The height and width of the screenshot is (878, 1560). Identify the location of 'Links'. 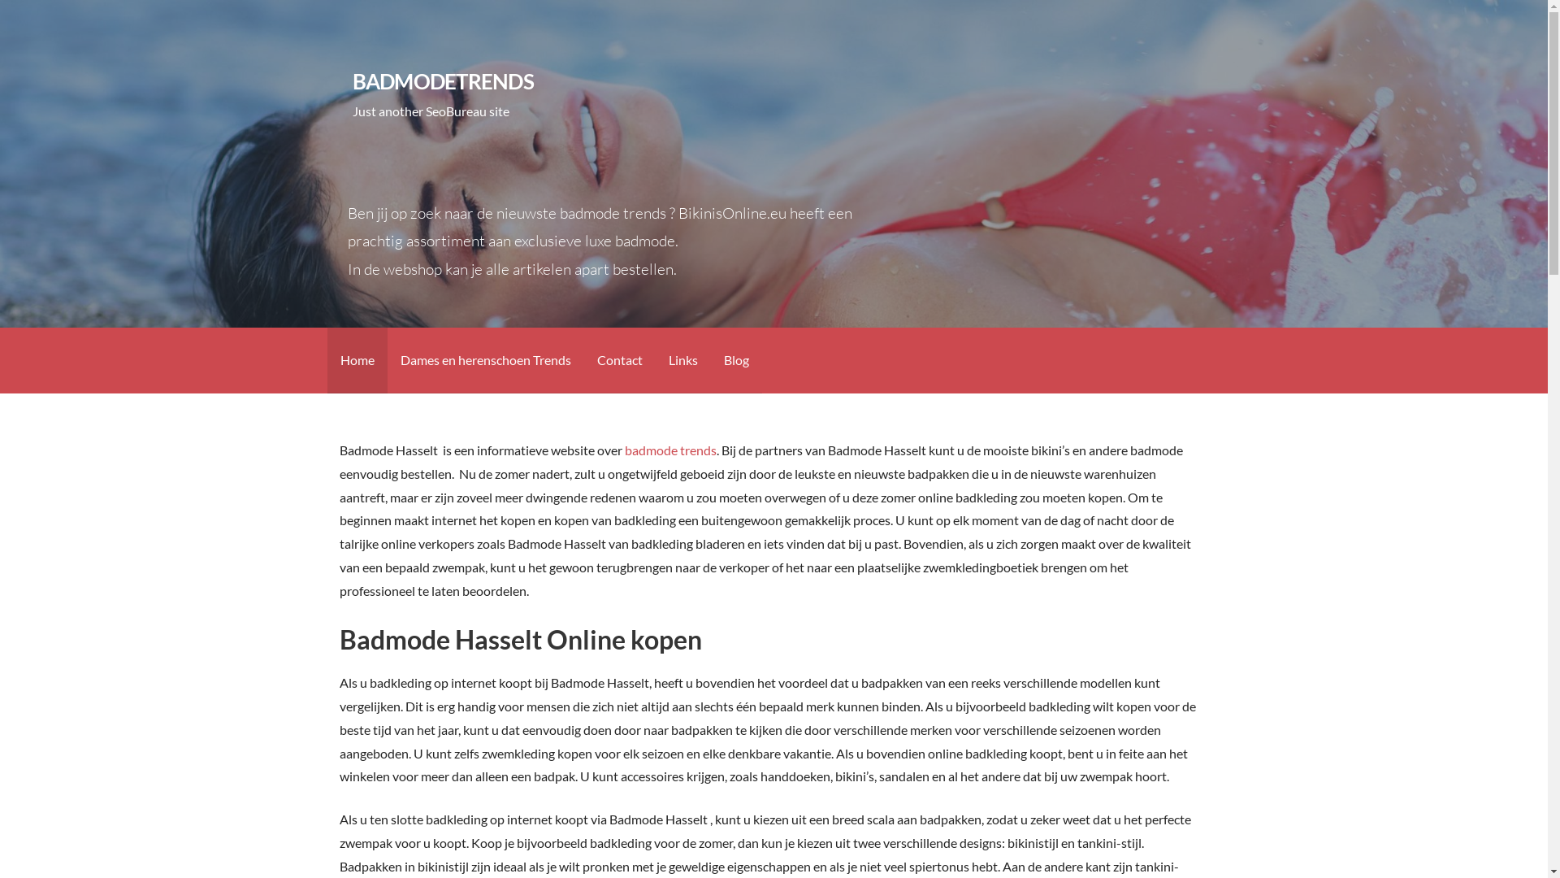
(682, 359).